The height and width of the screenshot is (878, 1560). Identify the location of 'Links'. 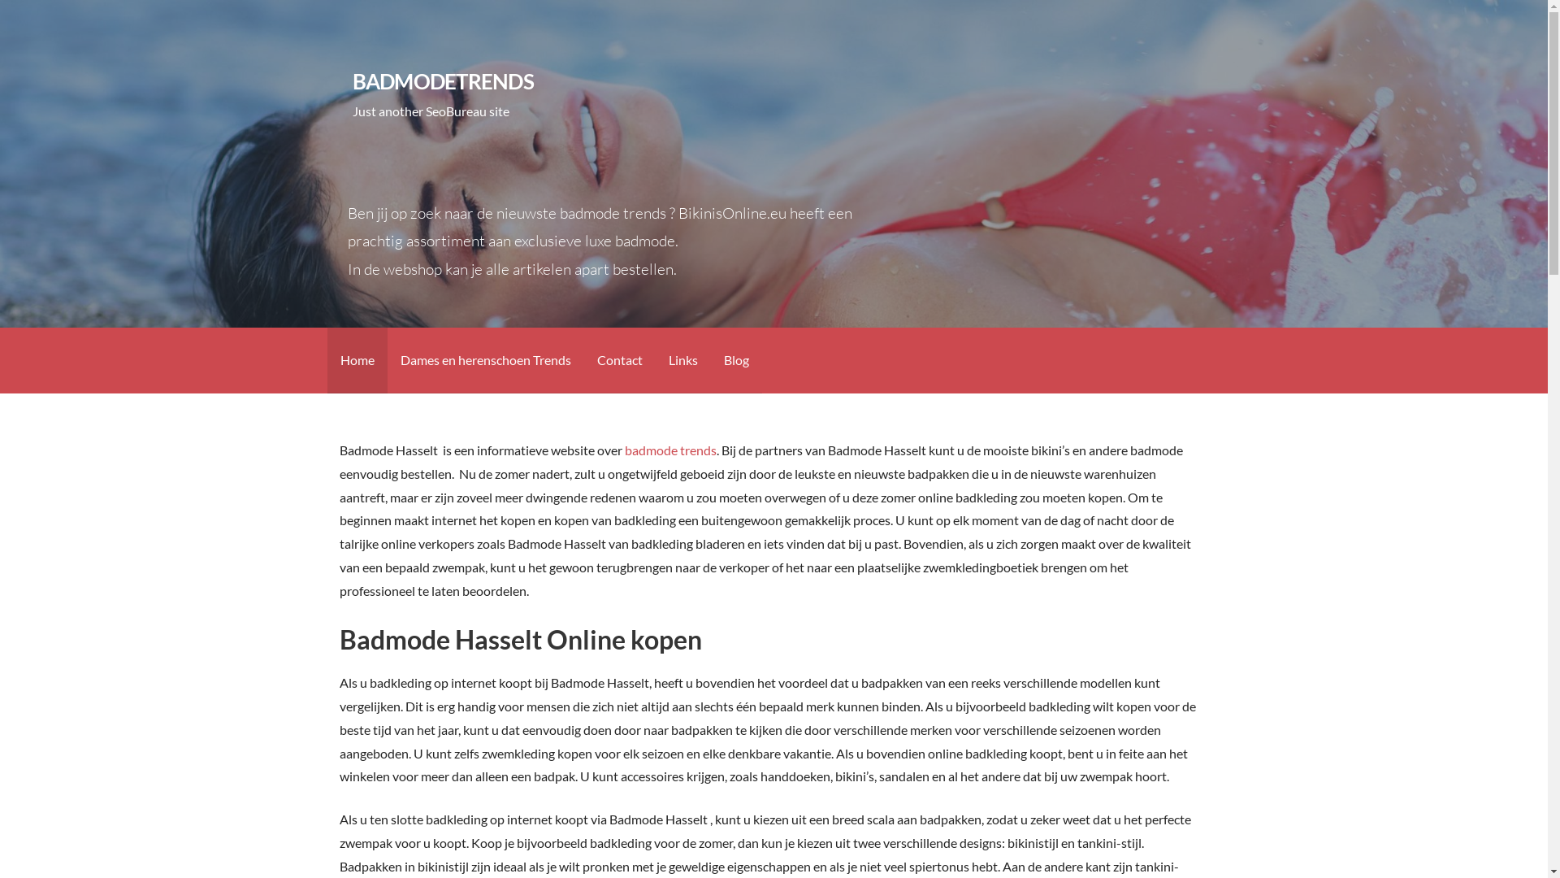
(682, 359).